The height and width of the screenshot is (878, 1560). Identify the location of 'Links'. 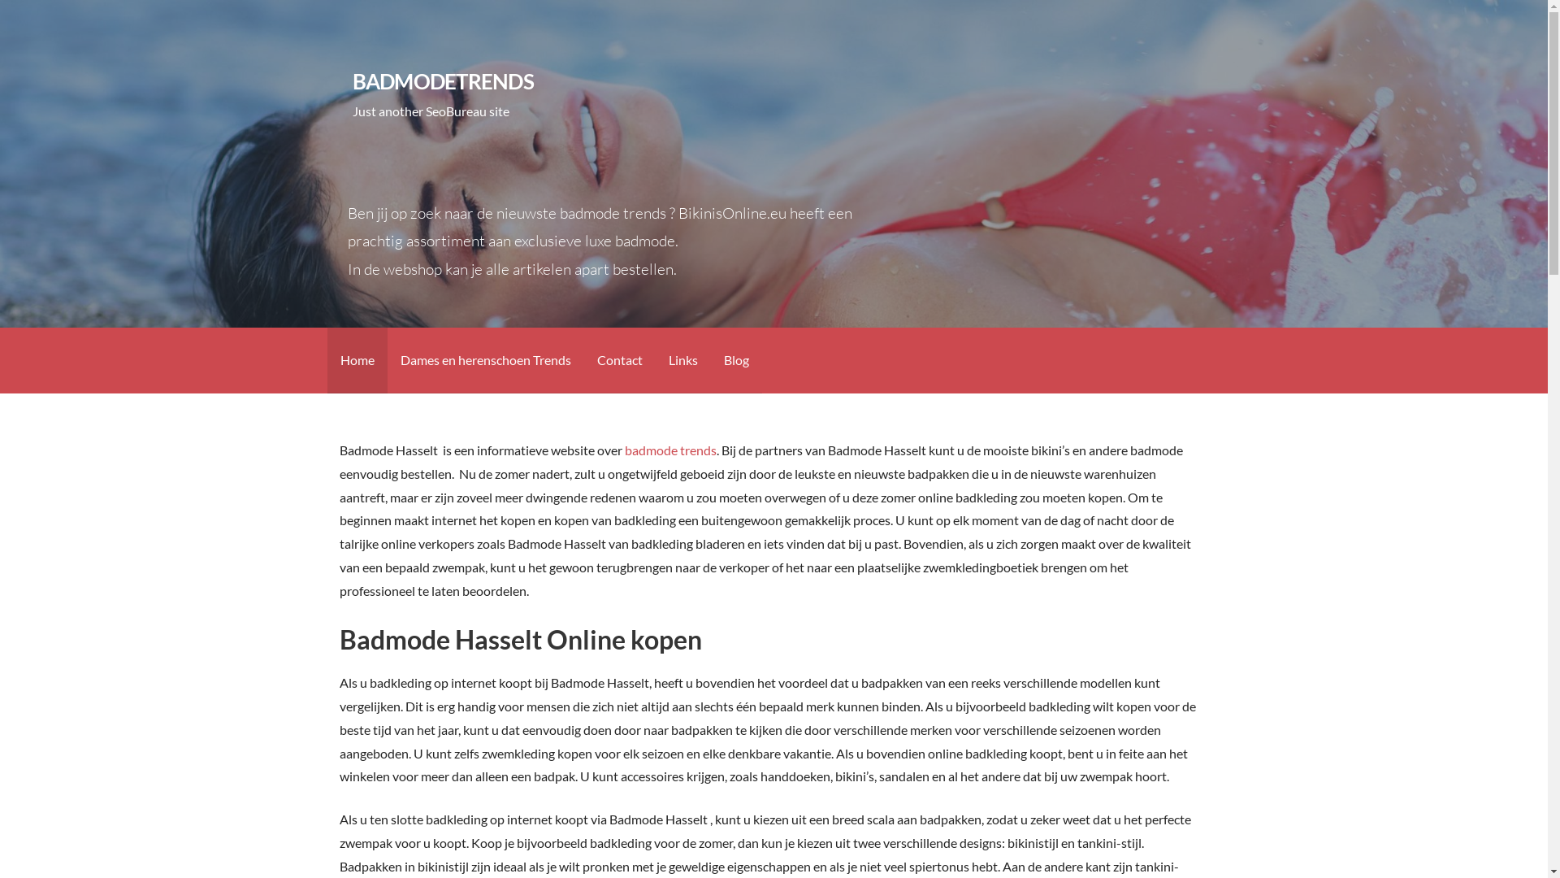
(682, 359).